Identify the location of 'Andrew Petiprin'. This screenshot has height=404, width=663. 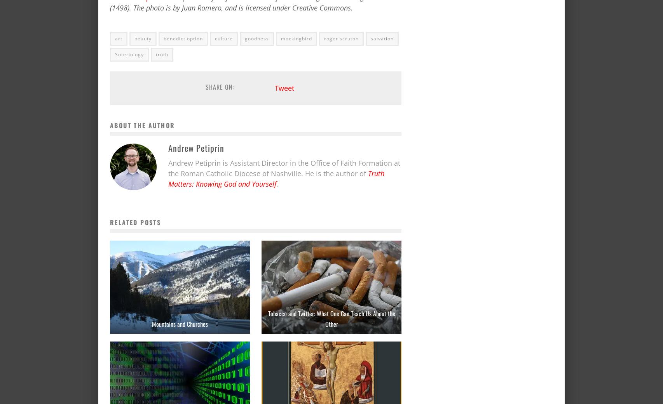
(195, 147).